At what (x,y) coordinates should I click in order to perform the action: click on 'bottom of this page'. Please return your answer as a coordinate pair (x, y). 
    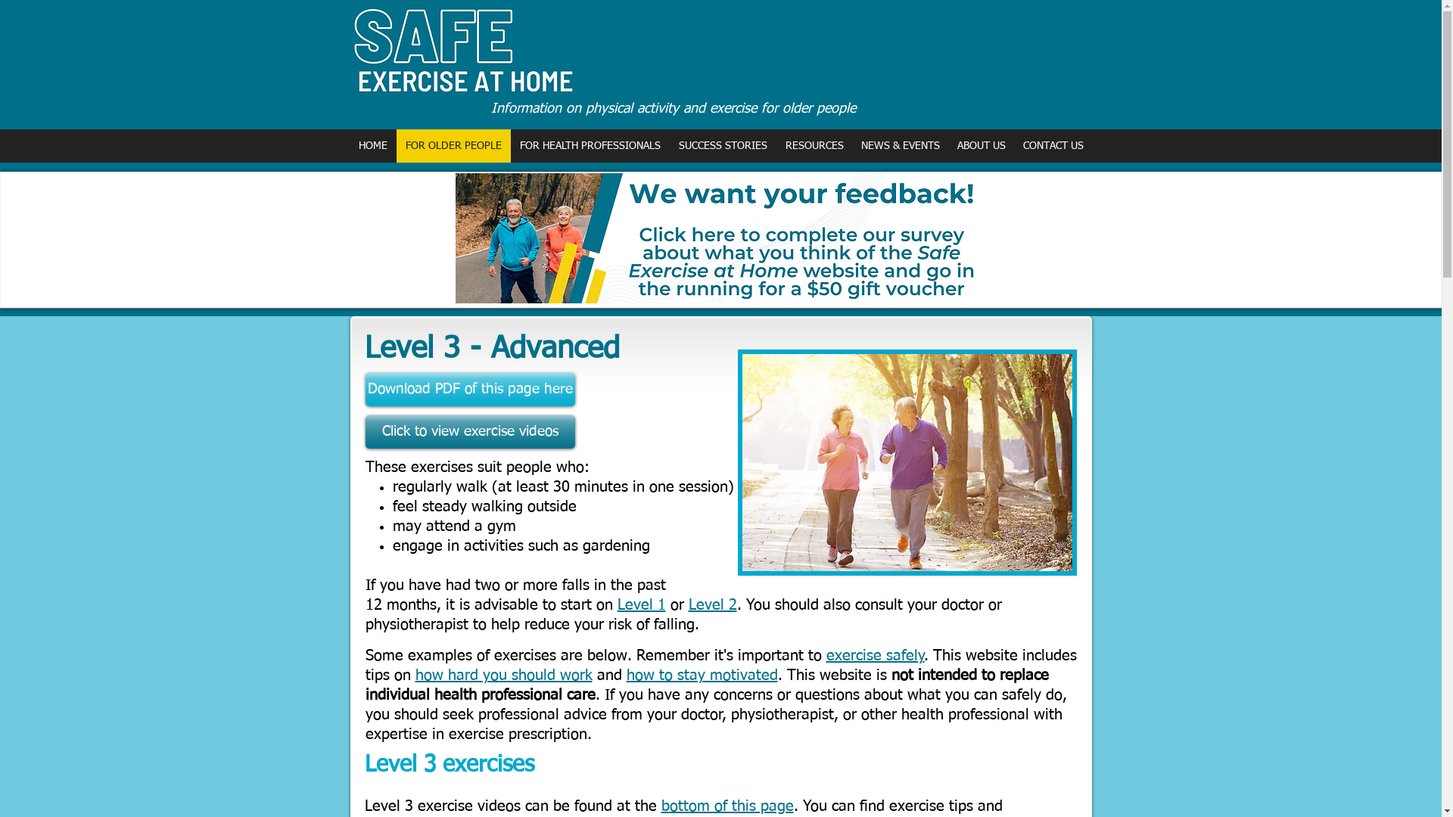
    Looking at the image, I should click on (727, 805).